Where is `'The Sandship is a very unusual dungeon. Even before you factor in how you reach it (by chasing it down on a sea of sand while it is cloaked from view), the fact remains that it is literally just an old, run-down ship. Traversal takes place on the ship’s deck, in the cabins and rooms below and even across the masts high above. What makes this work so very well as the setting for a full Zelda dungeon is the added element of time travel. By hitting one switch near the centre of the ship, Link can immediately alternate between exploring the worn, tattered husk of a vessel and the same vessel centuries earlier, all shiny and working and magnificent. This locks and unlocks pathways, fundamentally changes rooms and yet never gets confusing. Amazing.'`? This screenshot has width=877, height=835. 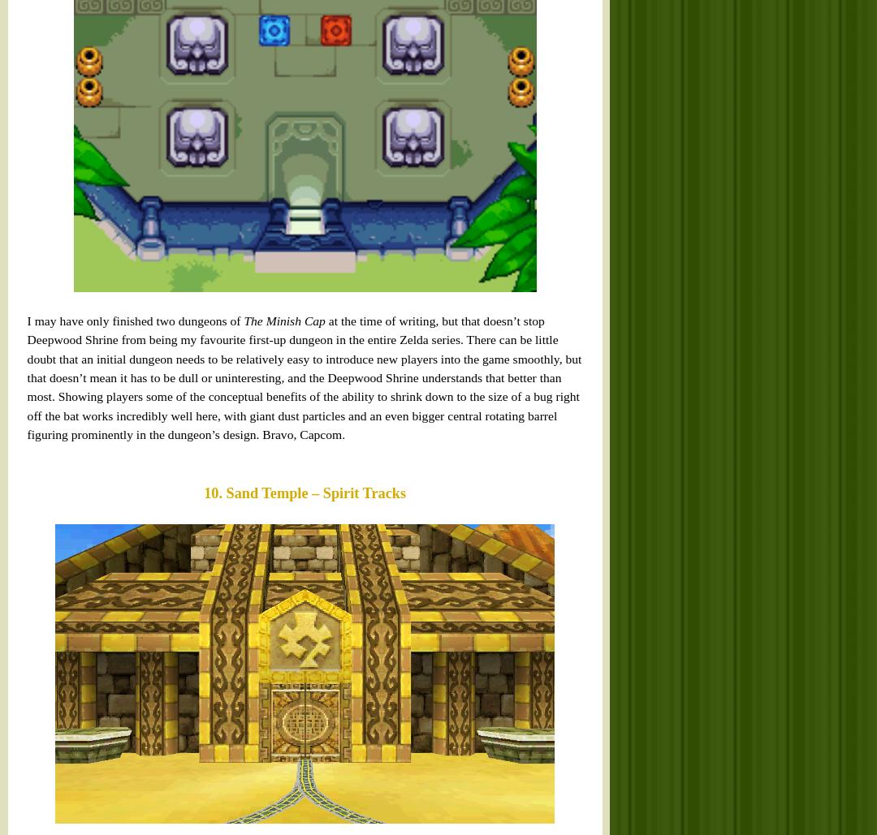 'The Sandship is a very unusual dungeon. Even before you factor in how you reach it (by chasing it down on a sea of sand while it is cloaked from view), the fact remains that it is literally just an old, run-down ship. Traversal takes place on the ship’s deck, in the cabins and rooms below and even across the masts high above. What makes this work so very well as the setting for a full Zelda dungeon is the added element of time travel. By hitting one switch near the centre of the ship, Link can immediately alternate between exploring the worn, tattered husk of a vessel and the same vessel centuries earlier, all shiny and working and magnificent. This locks and unlocks pathways, fundamentally changes rooms and yet never gets confusing. Amazing.' is located at coordinates (250, 626).